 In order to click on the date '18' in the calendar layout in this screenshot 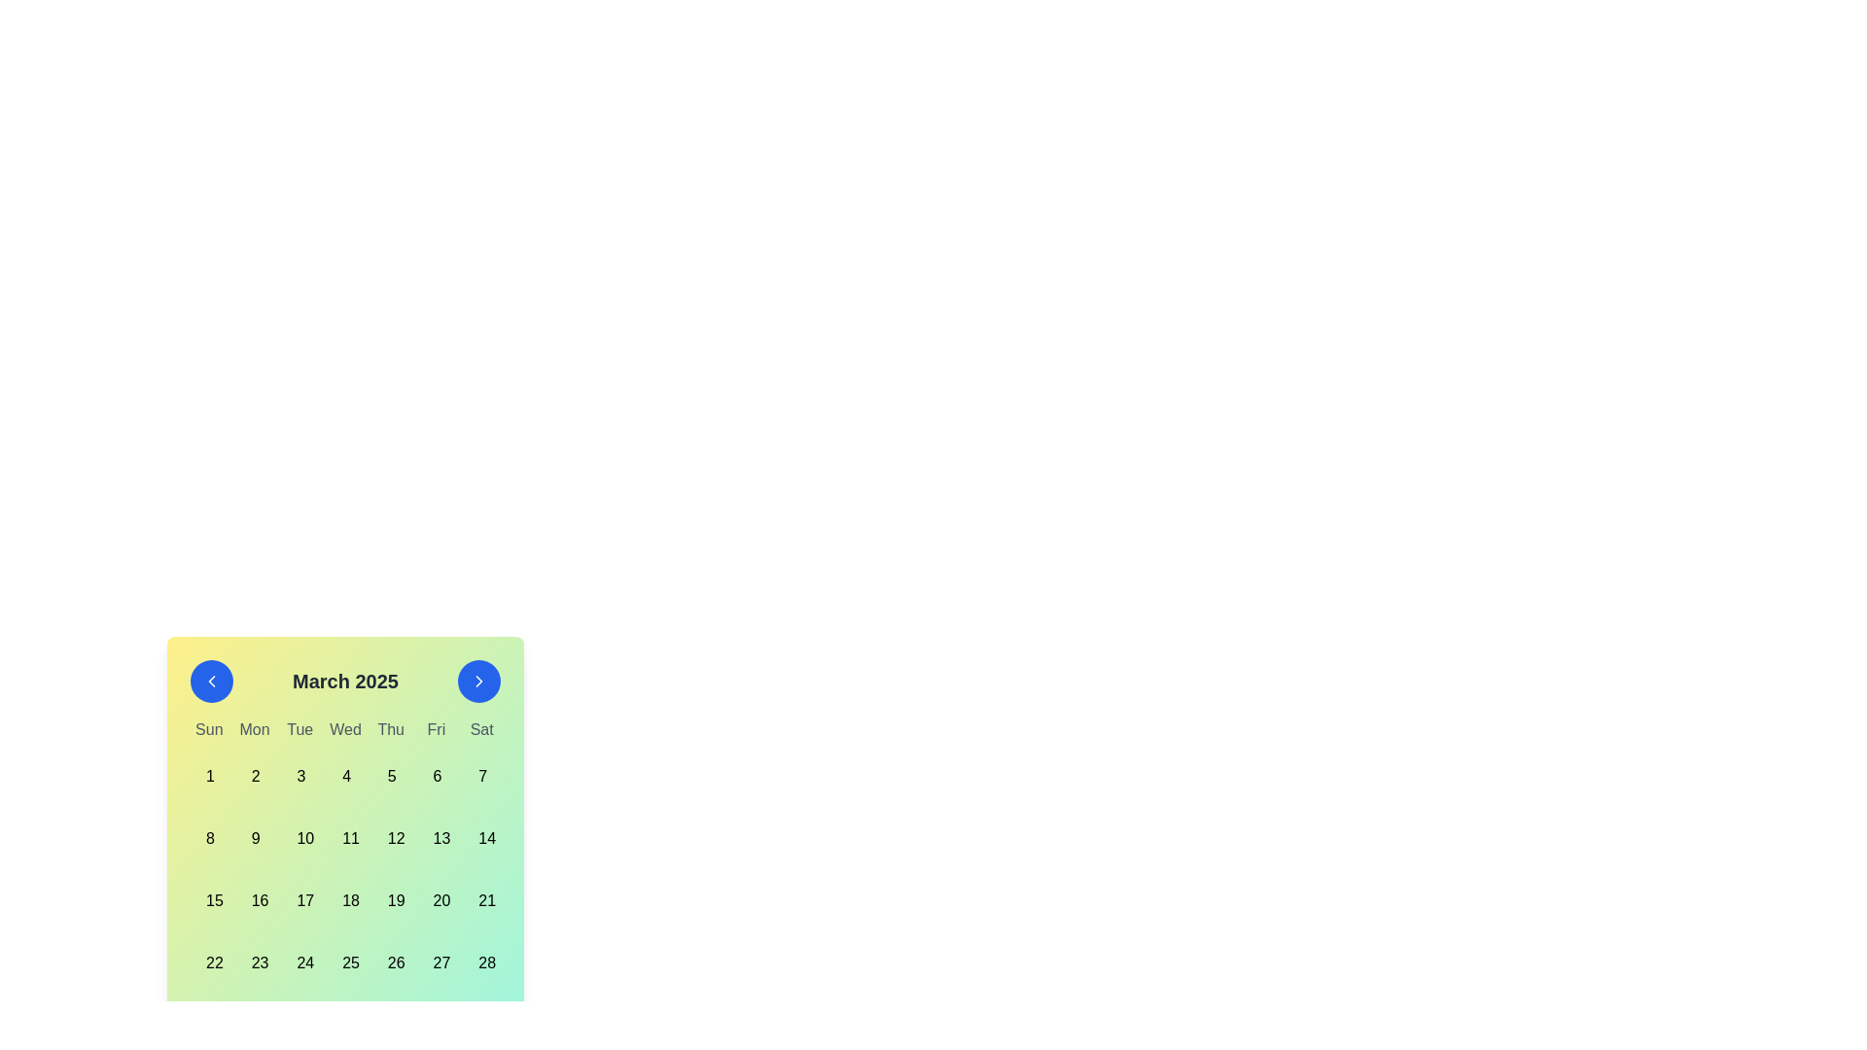, I will do `click(345, 900)`.